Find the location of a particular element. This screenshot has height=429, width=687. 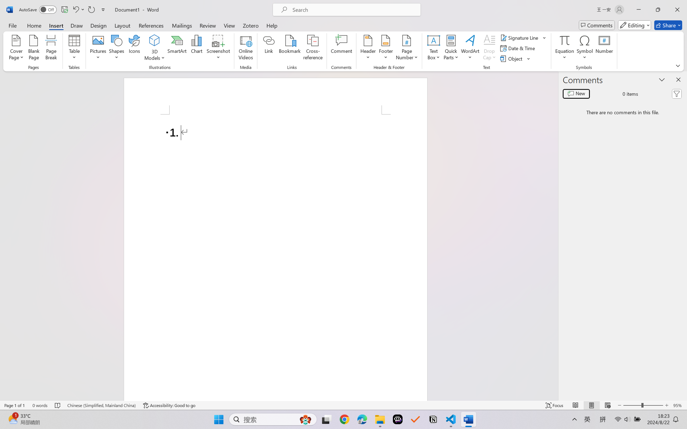

'Table' is located at coordinates (74, 48).